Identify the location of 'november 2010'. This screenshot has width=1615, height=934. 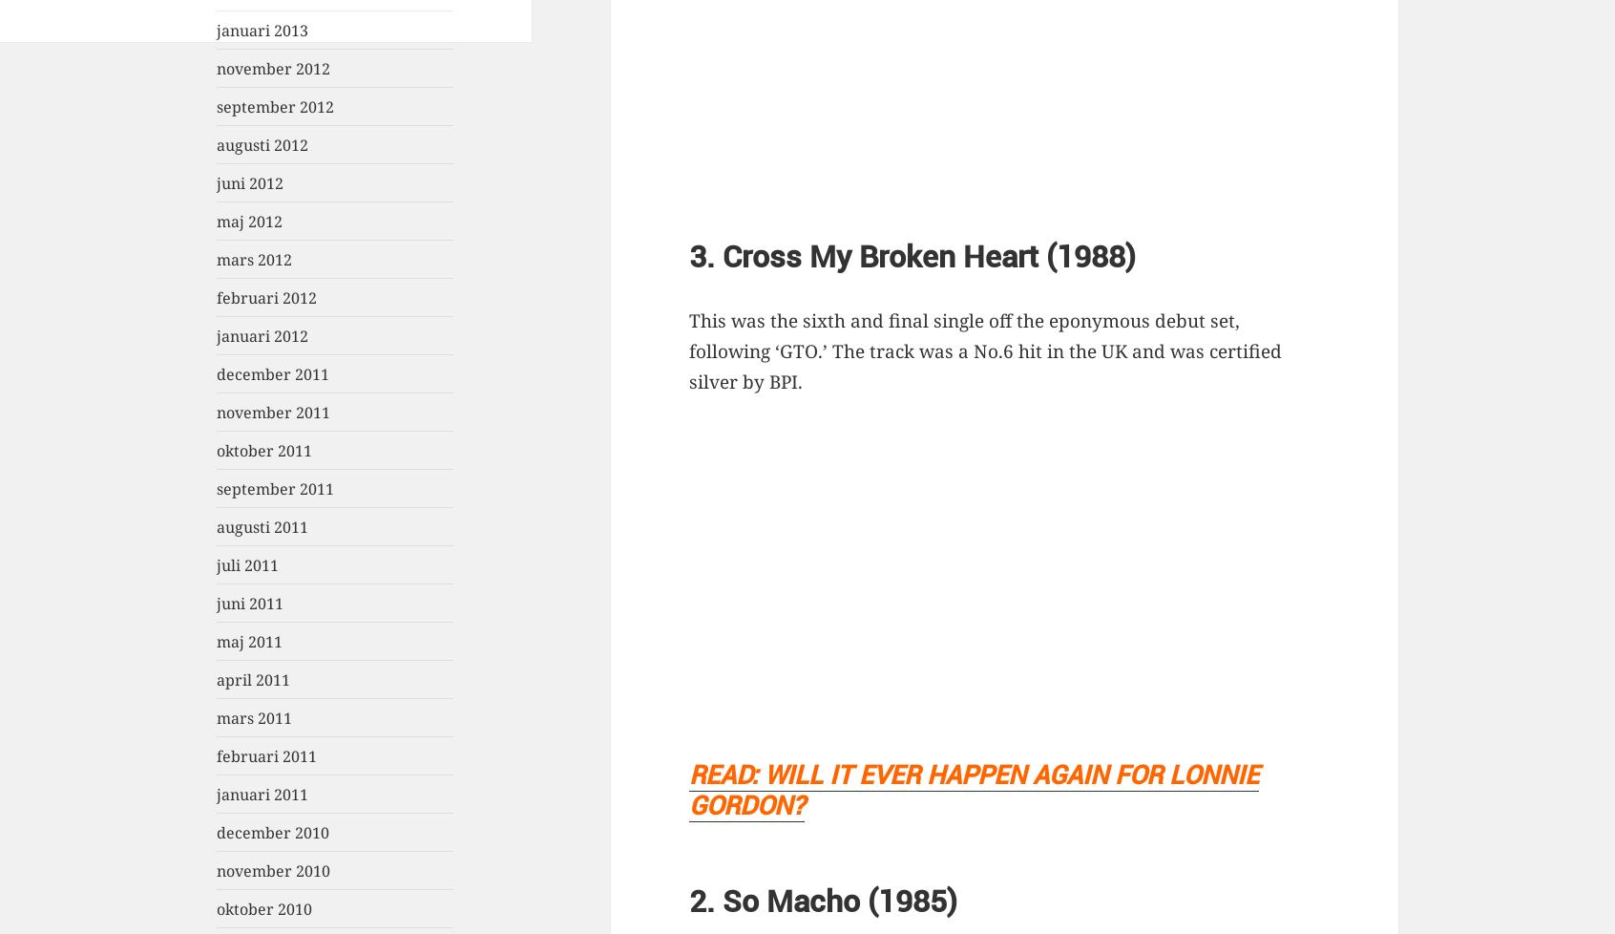
(272, 869).